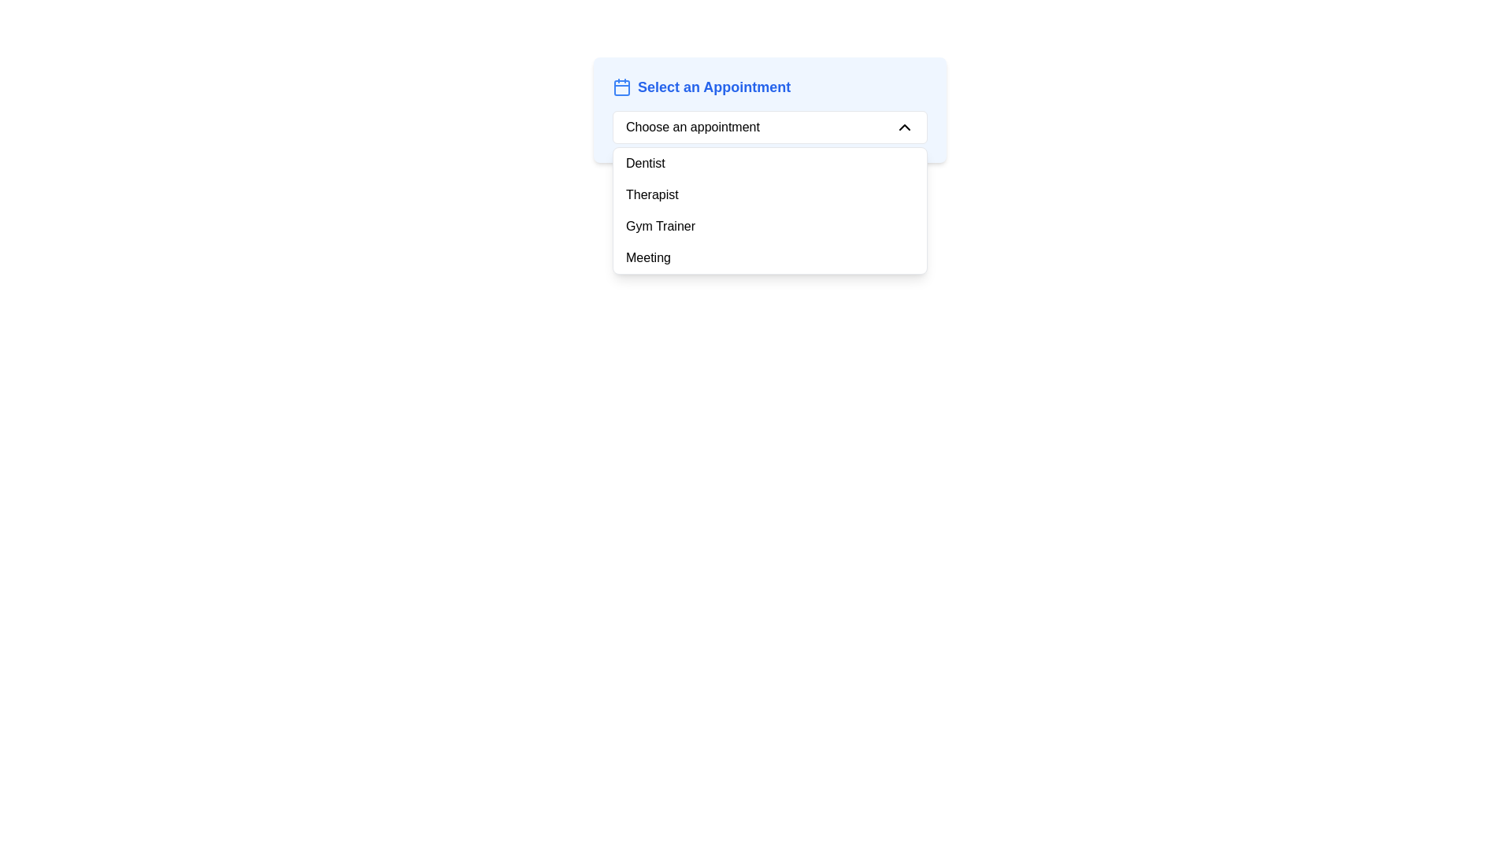 The height and width of the screenshot is (850, 1512). What do you see at coordinates (713, 87) in the screenshot?
I see `the Text label that serves as a heading or title for appointment selection, located near the dropdown selection component` at bounding box center [713, 87].